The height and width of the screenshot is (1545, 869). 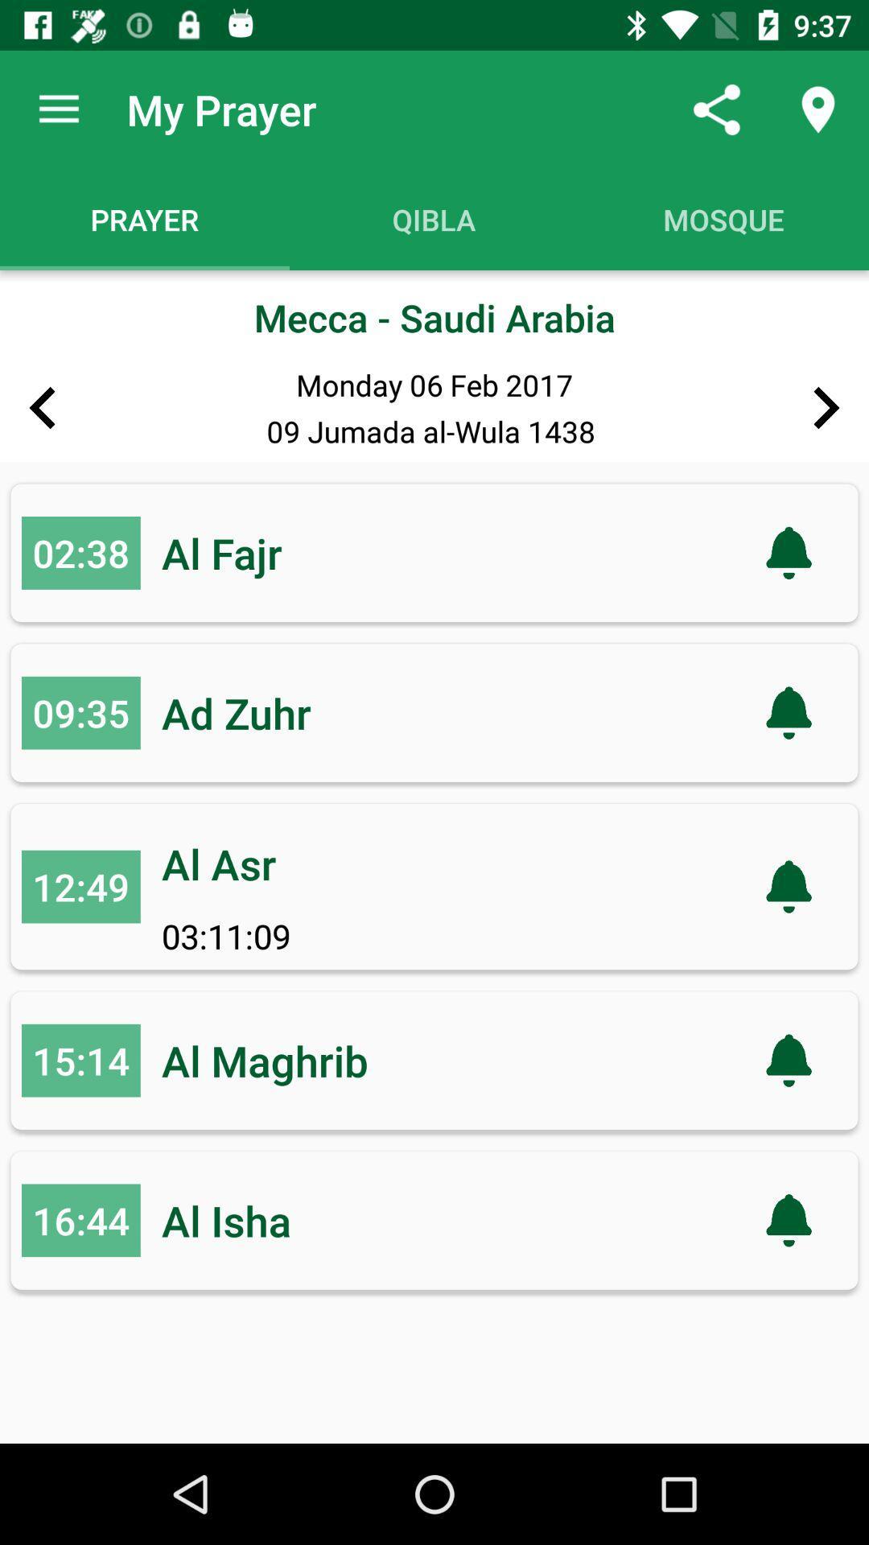 What do you see at coordinates (788, 886) in the screenshot?
I see `the notification icon in the third line` at bounding box center [788, 886].